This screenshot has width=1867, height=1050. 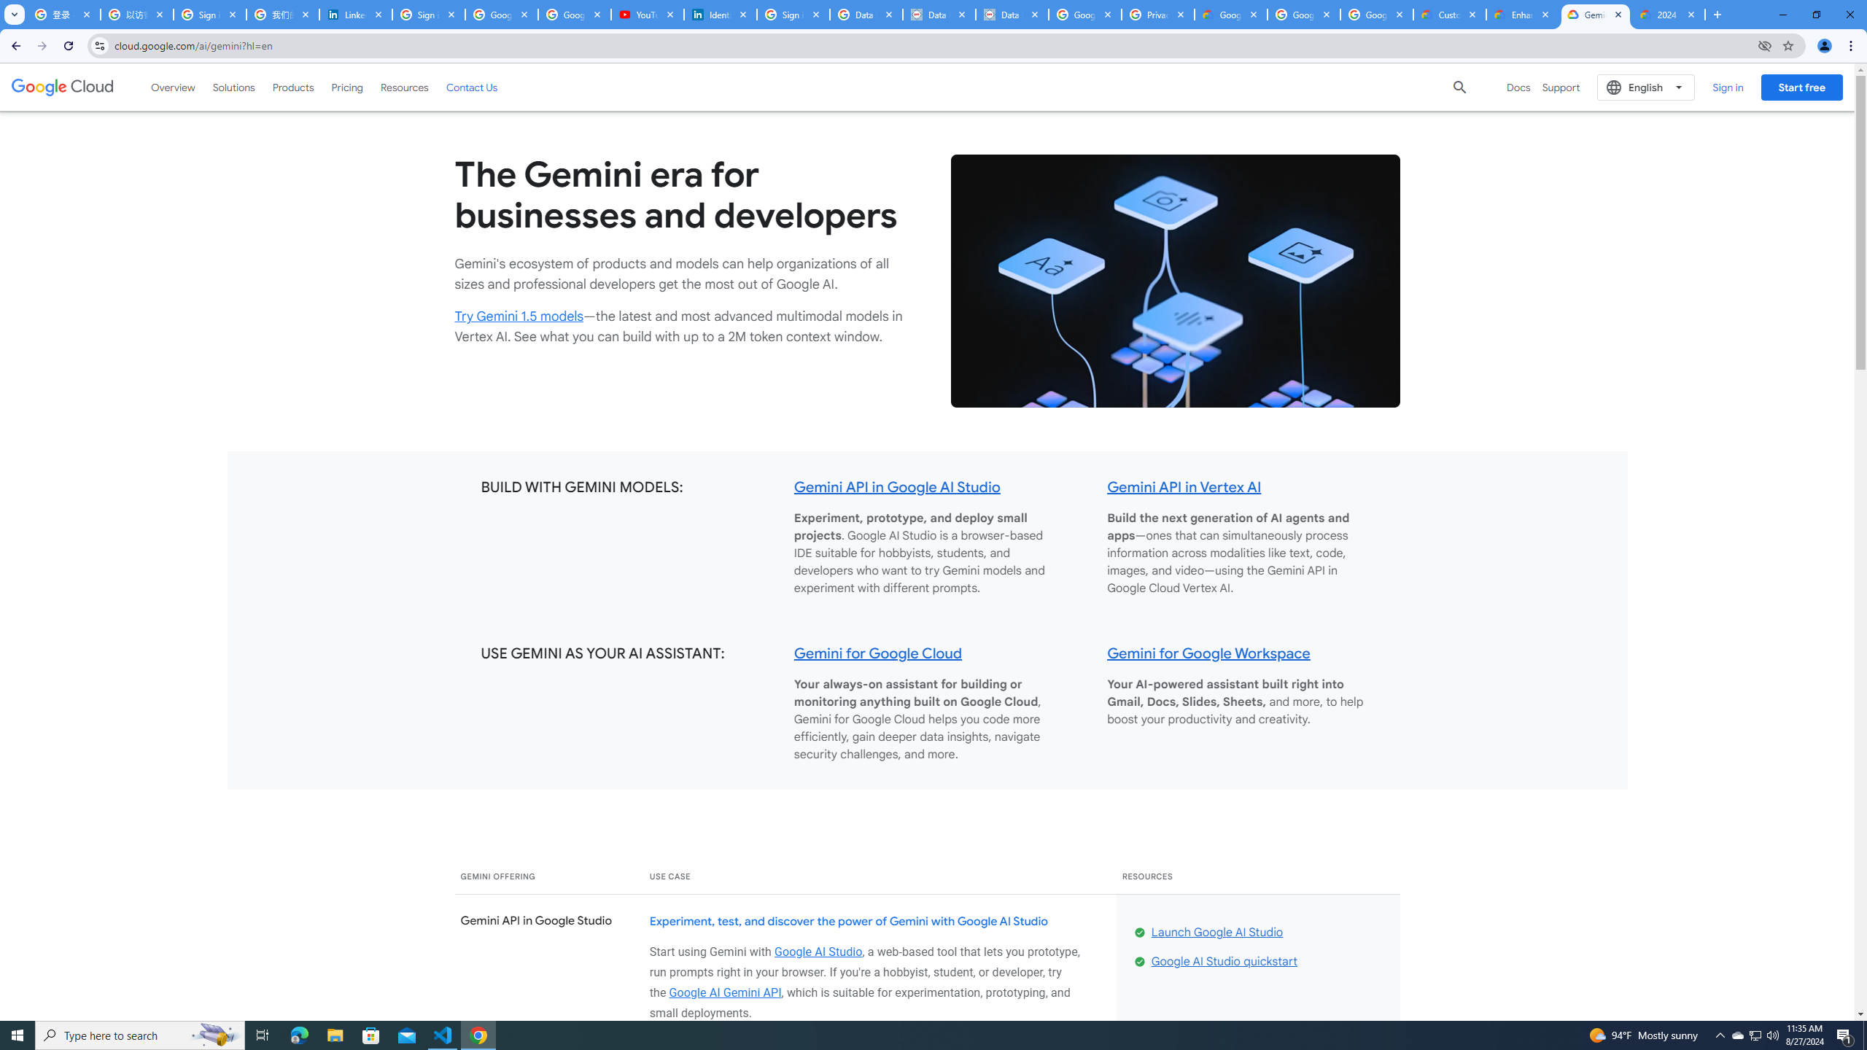 I want to click on 'Google AI Studio quickstart', so click(x=1224, y=961).